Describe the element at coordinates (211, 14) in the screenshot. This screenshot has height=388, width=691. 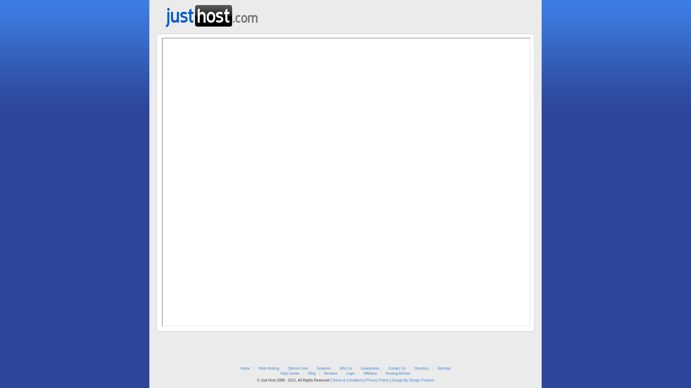
I see `'Web Hosting from Just Host'` at that location.